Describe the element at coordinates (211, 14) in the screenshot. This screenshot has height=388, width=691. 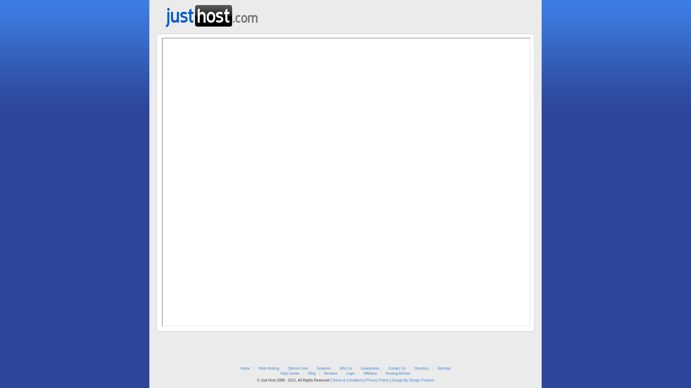
I see `'Web Hosting from Just Host'` at that location.